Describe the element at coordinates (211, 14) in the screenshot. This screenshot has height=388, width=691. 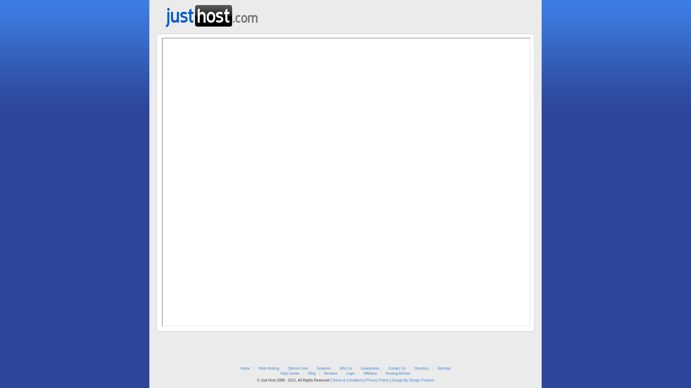
I see `'Web Hosting from Just Host'` at that location.